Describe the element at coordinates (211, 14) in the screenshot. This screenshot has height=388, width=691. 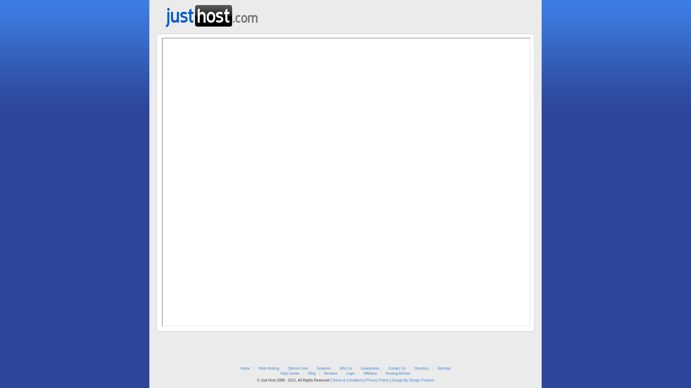
I see `'Web Hosting from Just Host'` at that location.